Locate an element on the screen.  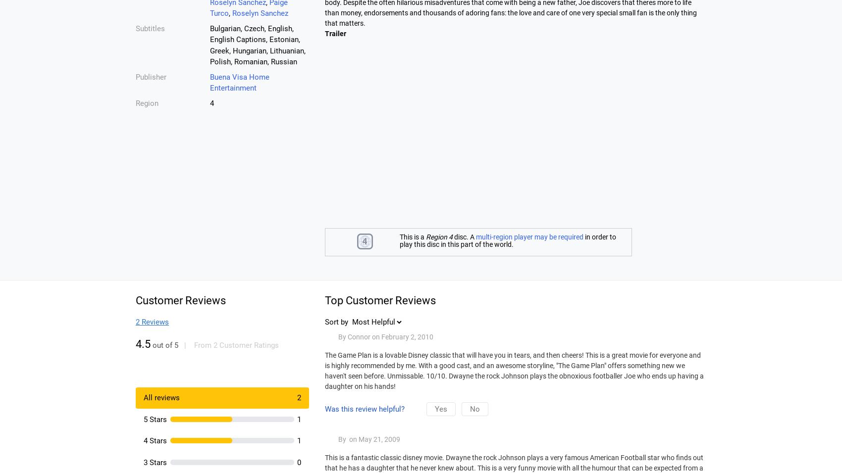
'3 Stars' is located at coordinates (155, 462).